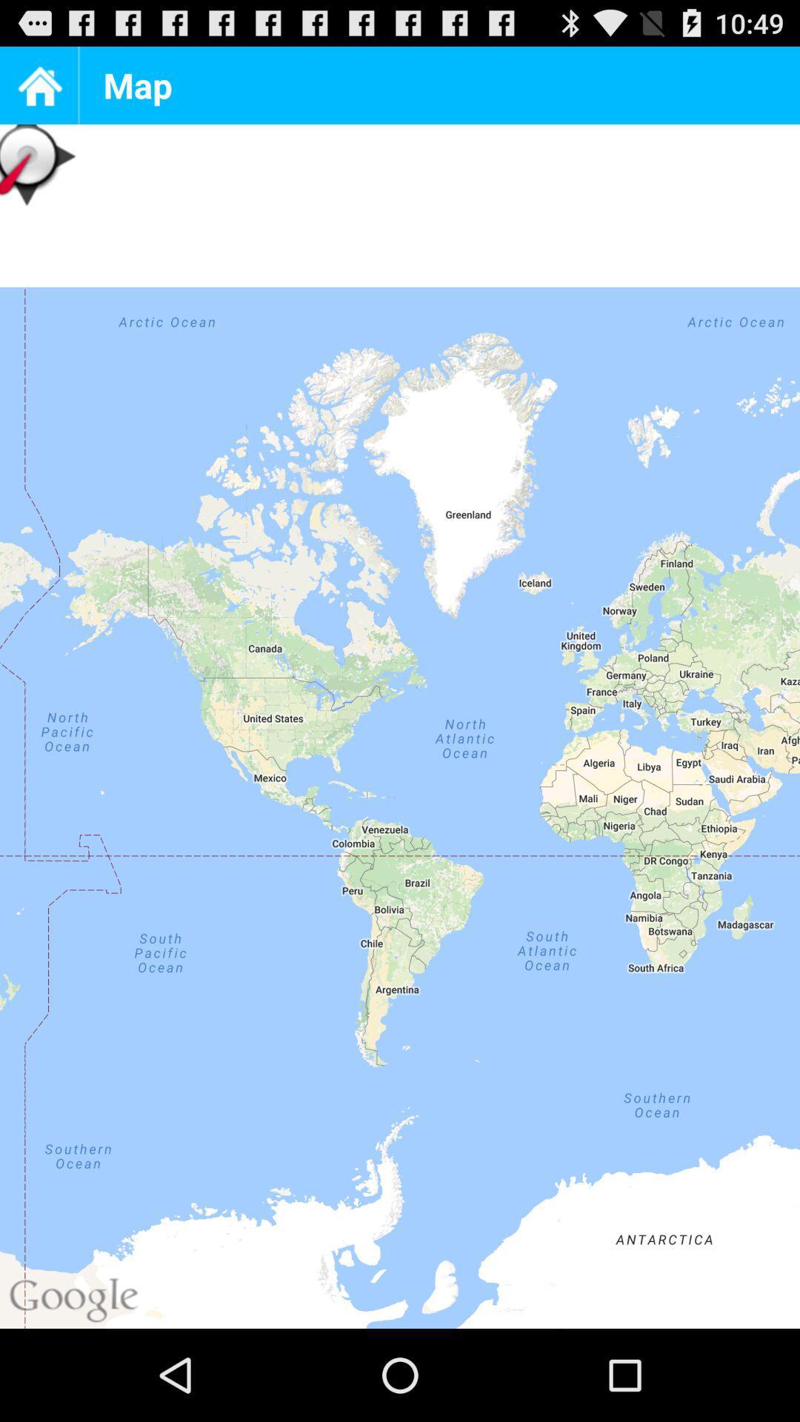 This screenshot has width=800, height=1422. I want to click on the home icon, so click(38, 90).